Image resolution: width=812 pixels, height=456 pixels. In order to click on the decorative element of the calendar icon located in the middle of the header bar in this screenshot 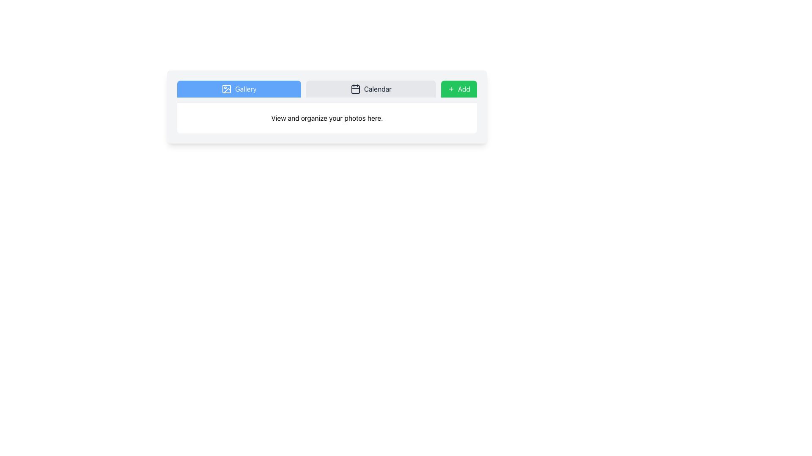, I will do `click(355, 90)`.